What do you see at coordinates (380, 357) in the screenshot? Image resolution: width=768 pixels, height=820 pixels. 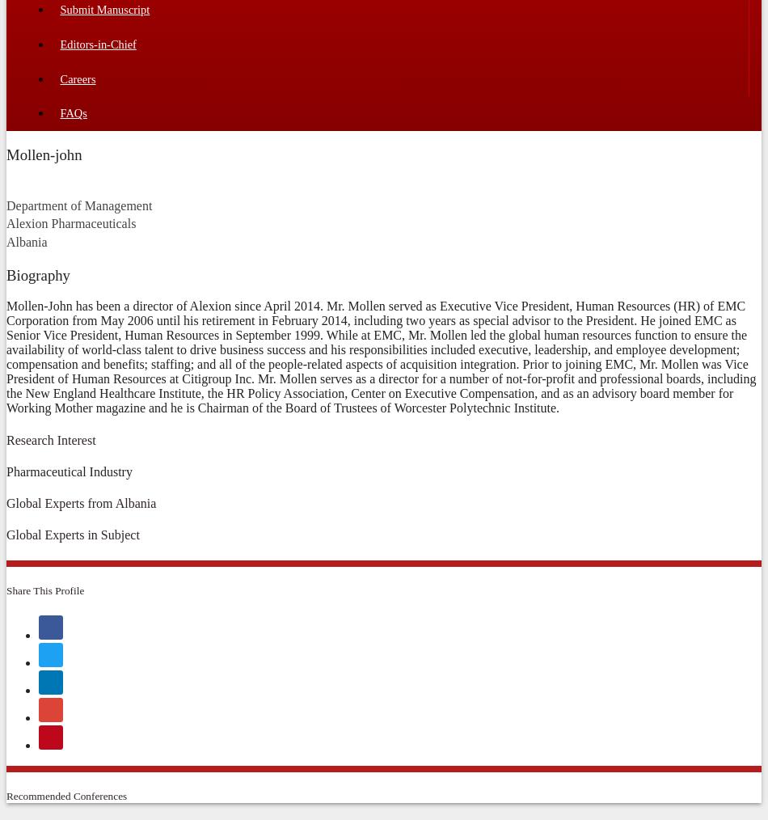 I see `'Mollen-John has been a director of Alexion since April 2014. Mr. Mollen served as Executive Vice President, Human Resources (HR) of EMC Corporation from May 2006 until his retirement in February 2014, including two years as special advisor to the President. He joined EMC as Senior Vice President, Human Resources in September 1999. While at EMC, Mr. Mollen led the global human resources function to ensure the availability of world-class talent to drive business success and his responsibilities included executive, leadership, and employee development; compensation and benefits; staffing; and all of the people-related aspects of acquisition integration. Prior to joining EMC, Mr. Mollen was Vice President of Human Resources at Citigroup Inc. Mr. Mollen serves as a director for a number of not-for-profit and professional boards, including the New England Healthcare Institute, the HR Policy Association, Center on Executive Compensation, and as an advisory board member for Working Mother magazine and he is Chairman of the Board of Trustees of Worcester Polytechnic Institute.'` at bounding box center [380, 357].